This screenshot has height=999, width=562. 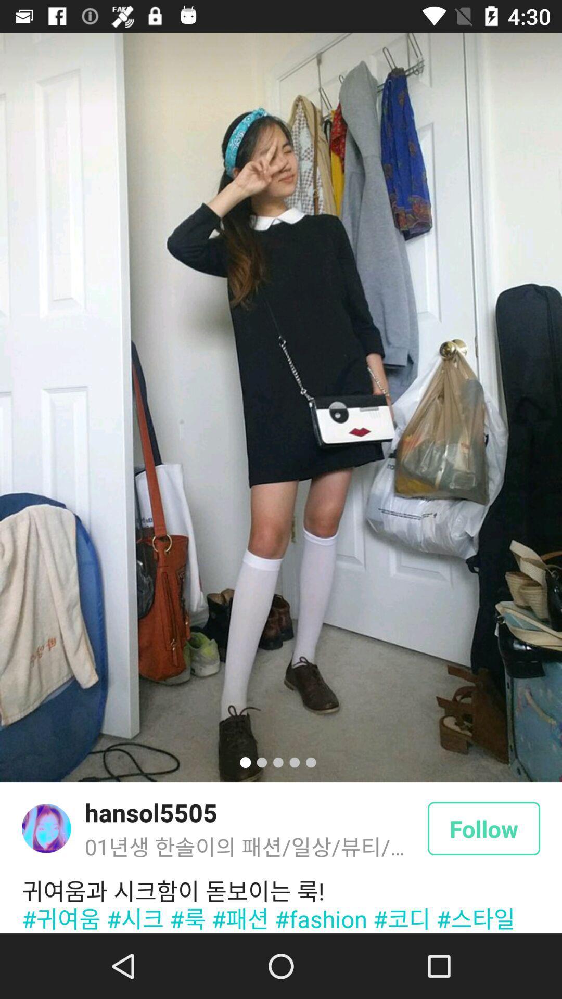 I want to click on icon above hansol5505 item, so click(x=281, y=406).